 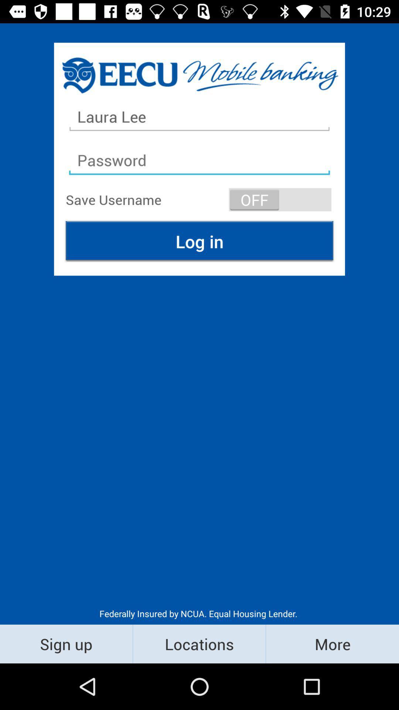 I want to click on item below the federally insured by icon, so click(x=199, y=643).